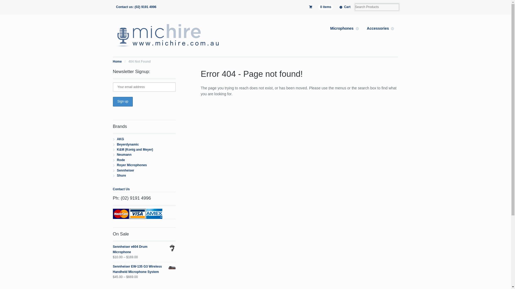 The height and width of the screenshot is (289, 515). I want to click on 'Rode', so click(121, 159).